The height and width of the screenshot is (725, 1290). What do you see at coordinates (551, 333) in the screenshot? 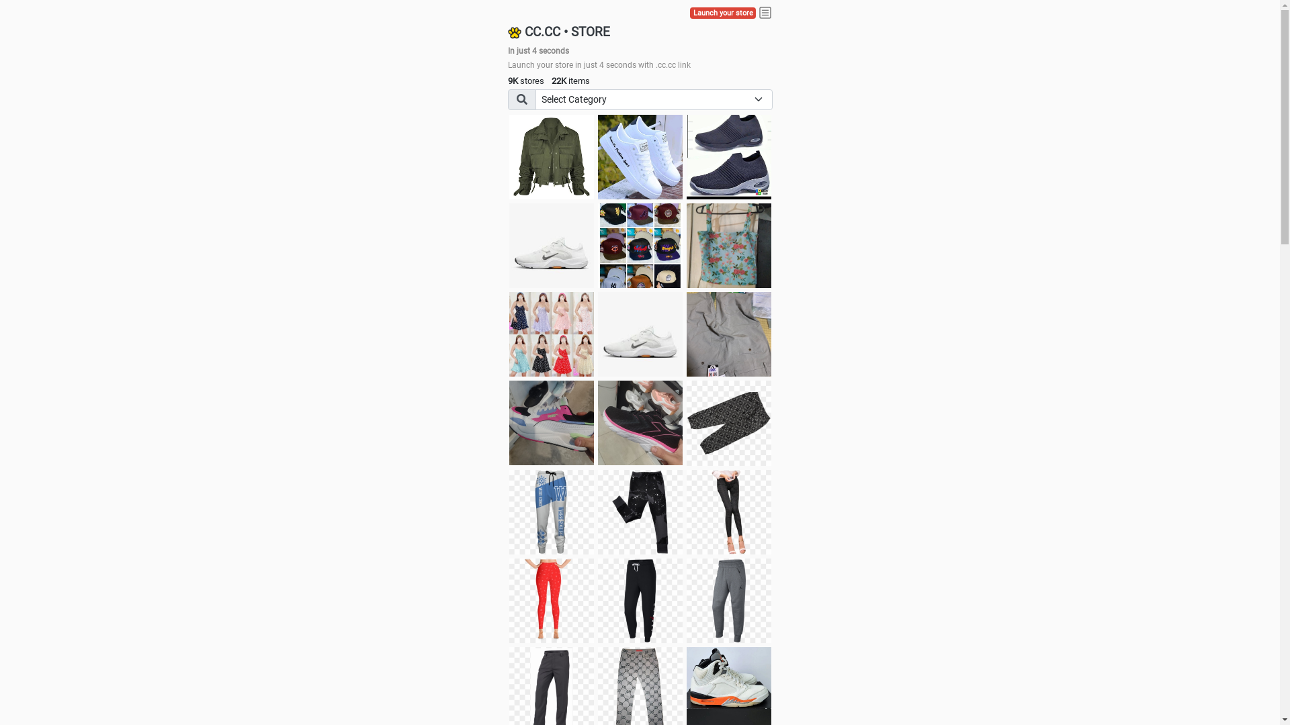
I see `'Dress/square nect top'` at bounding box center [551, 333].